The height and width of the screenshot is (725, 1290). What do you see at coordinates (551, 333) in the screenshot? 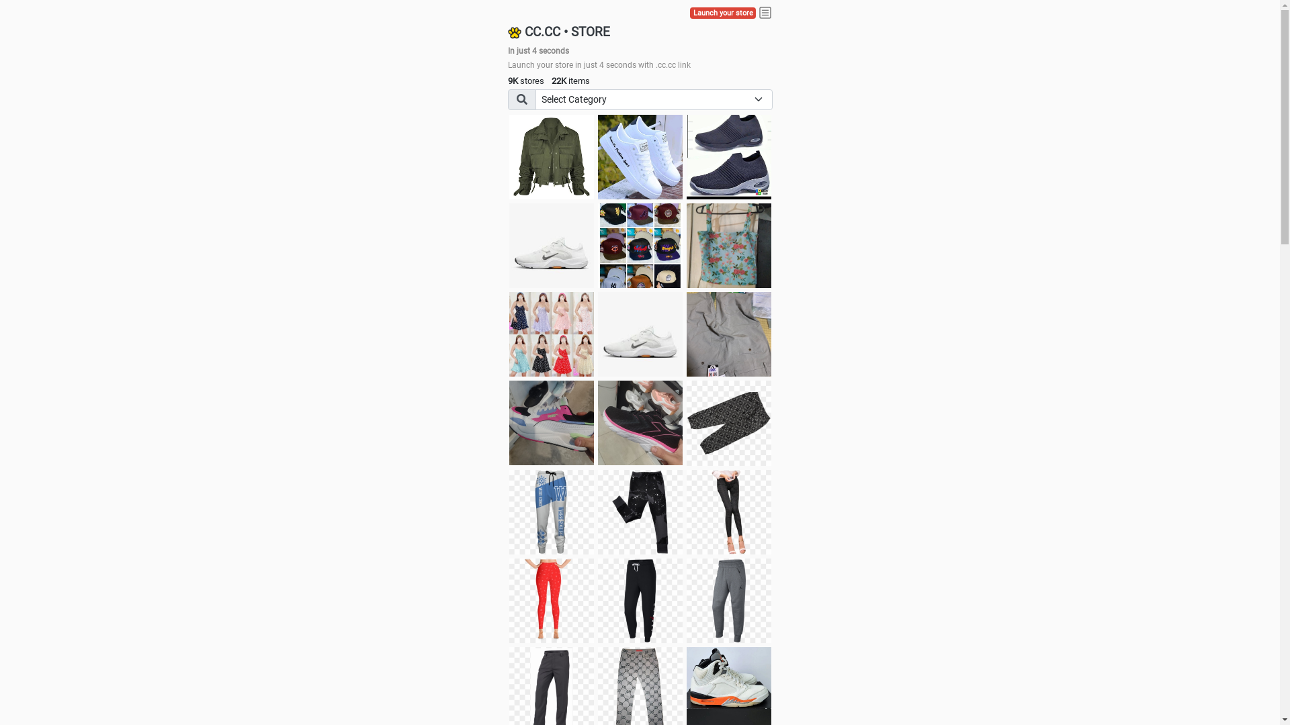
I see `'Dress/square nect top'` at bounding box center [551, 333].